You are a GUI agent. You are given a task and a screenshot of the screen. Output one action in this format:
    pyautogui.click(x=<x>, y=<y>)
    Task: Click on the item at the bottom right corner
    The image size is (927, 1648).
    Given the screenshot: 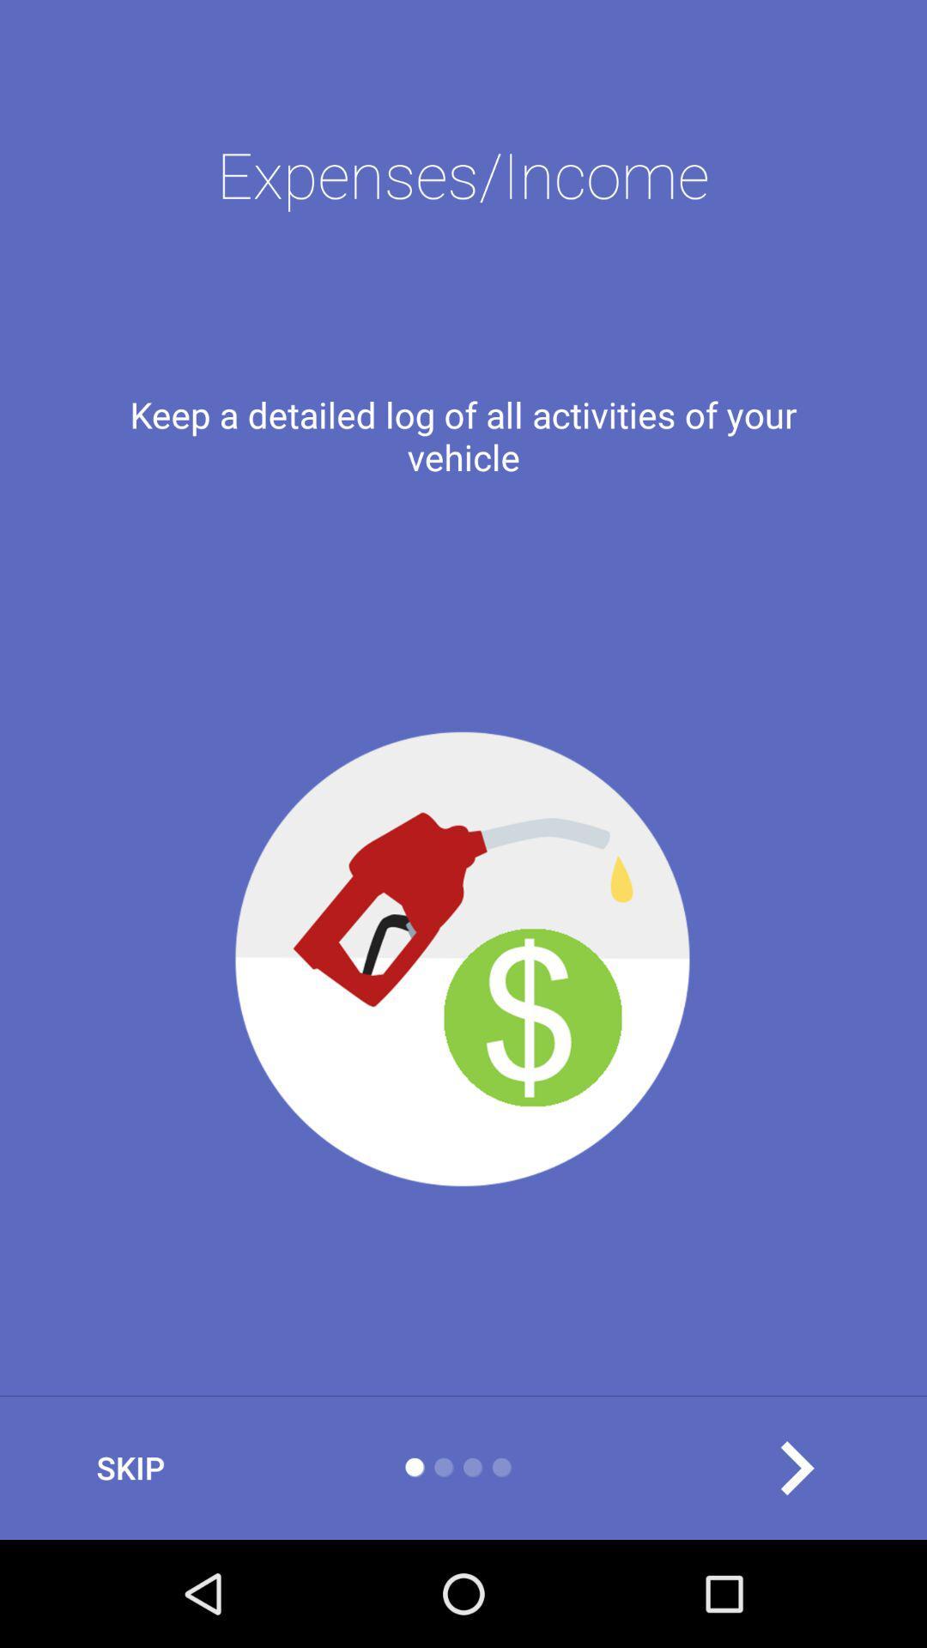 What is the action you would take?
    pyautogui.click(x=796, y=1467)
    